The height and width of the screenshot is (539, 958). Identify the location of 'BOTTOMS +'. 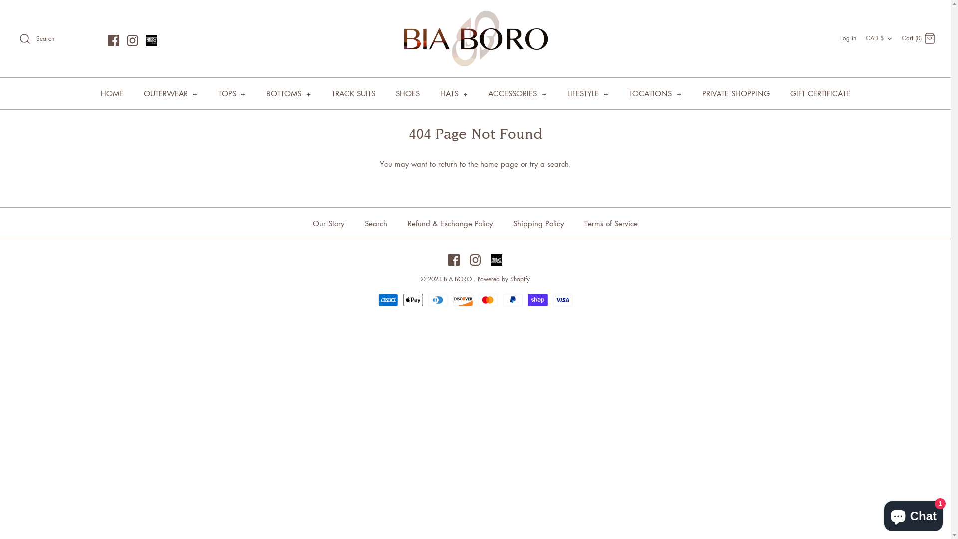
(288, 93).